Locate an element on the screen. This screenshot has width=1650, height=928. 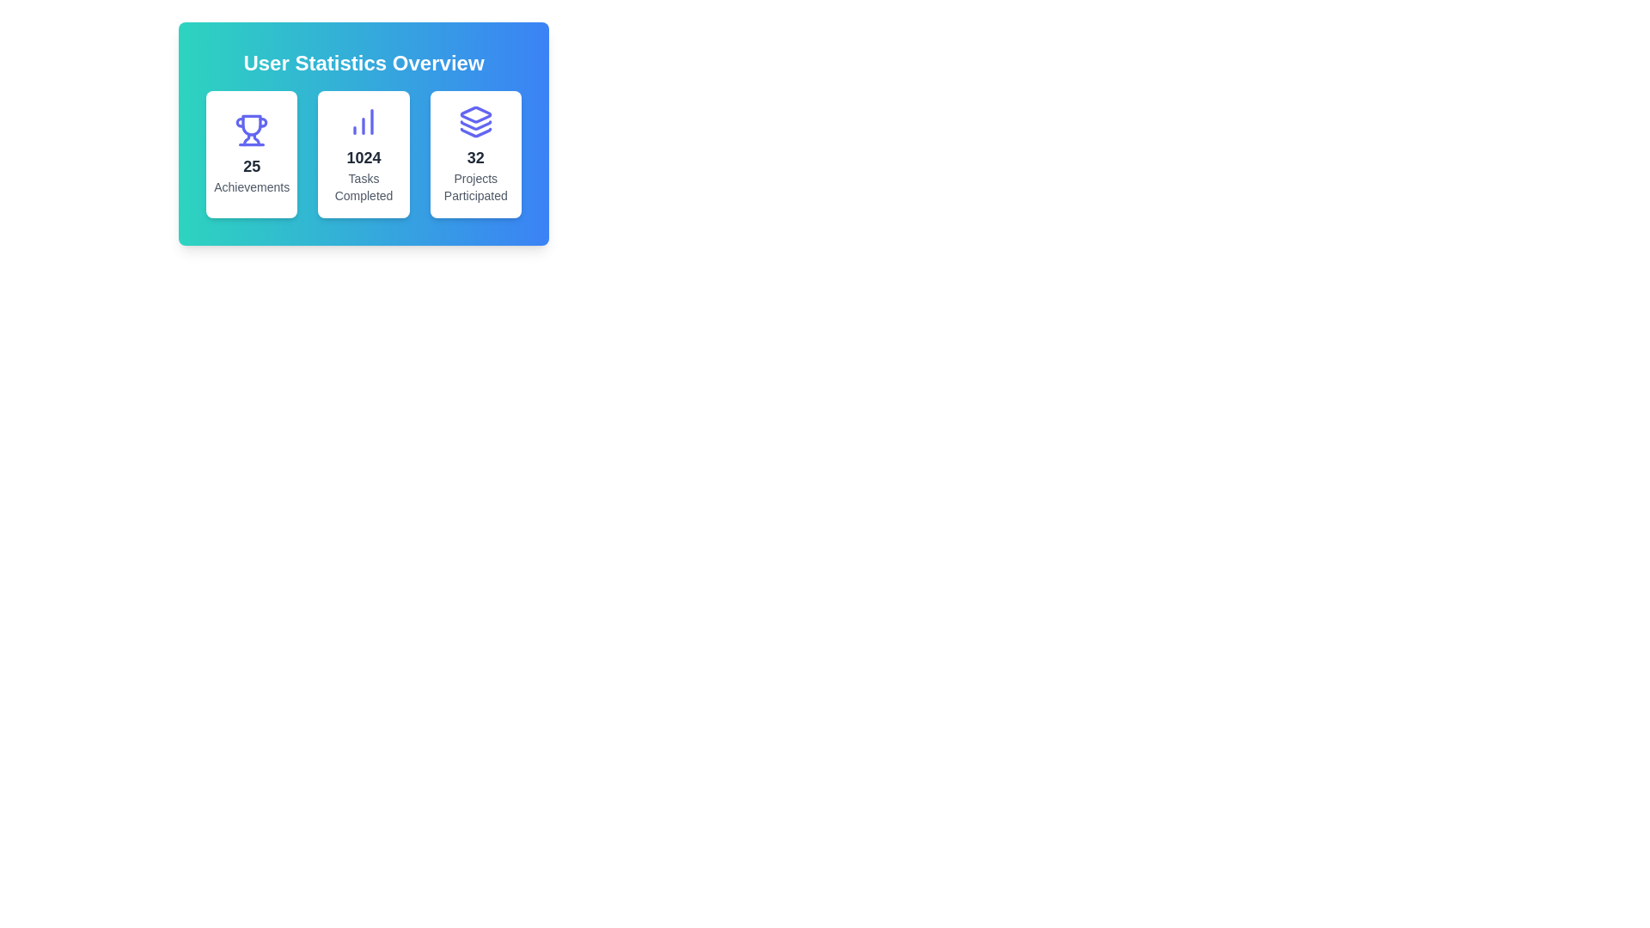
the 'Projects Participated' icon located at the top section of the rightmost card in the 'User Statistics Overview' section is located at coordinates (475, 121).